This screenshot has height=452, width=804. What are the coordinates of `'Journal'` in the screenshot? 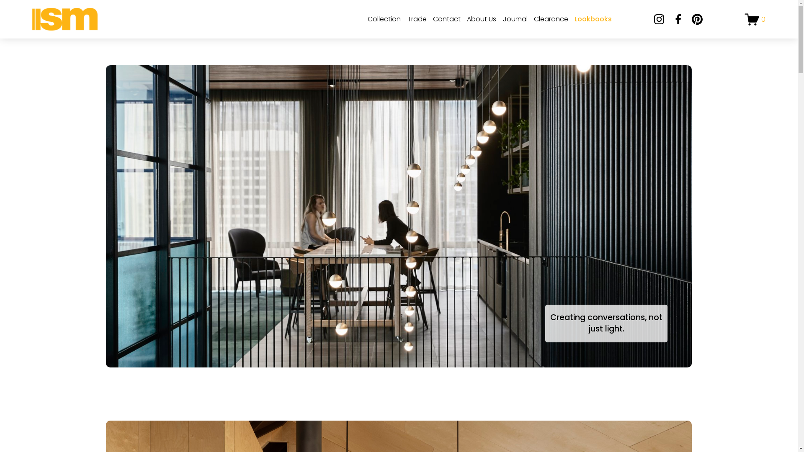 It's located at (515, 19).